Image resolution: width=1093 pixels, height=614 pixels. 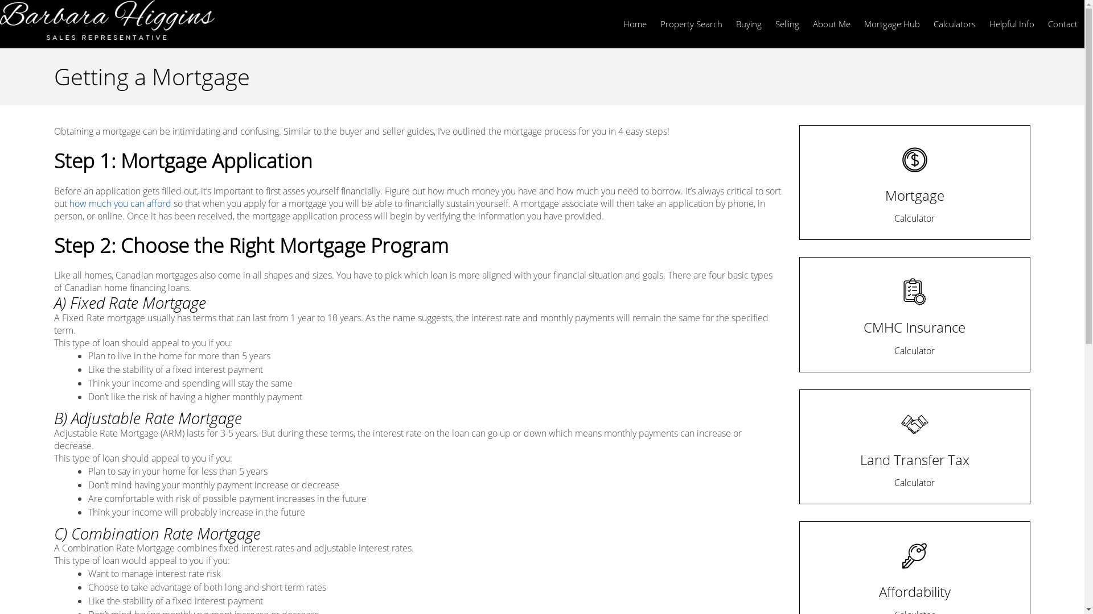 I want to click on 'About Me', so click(x=806, y=24).